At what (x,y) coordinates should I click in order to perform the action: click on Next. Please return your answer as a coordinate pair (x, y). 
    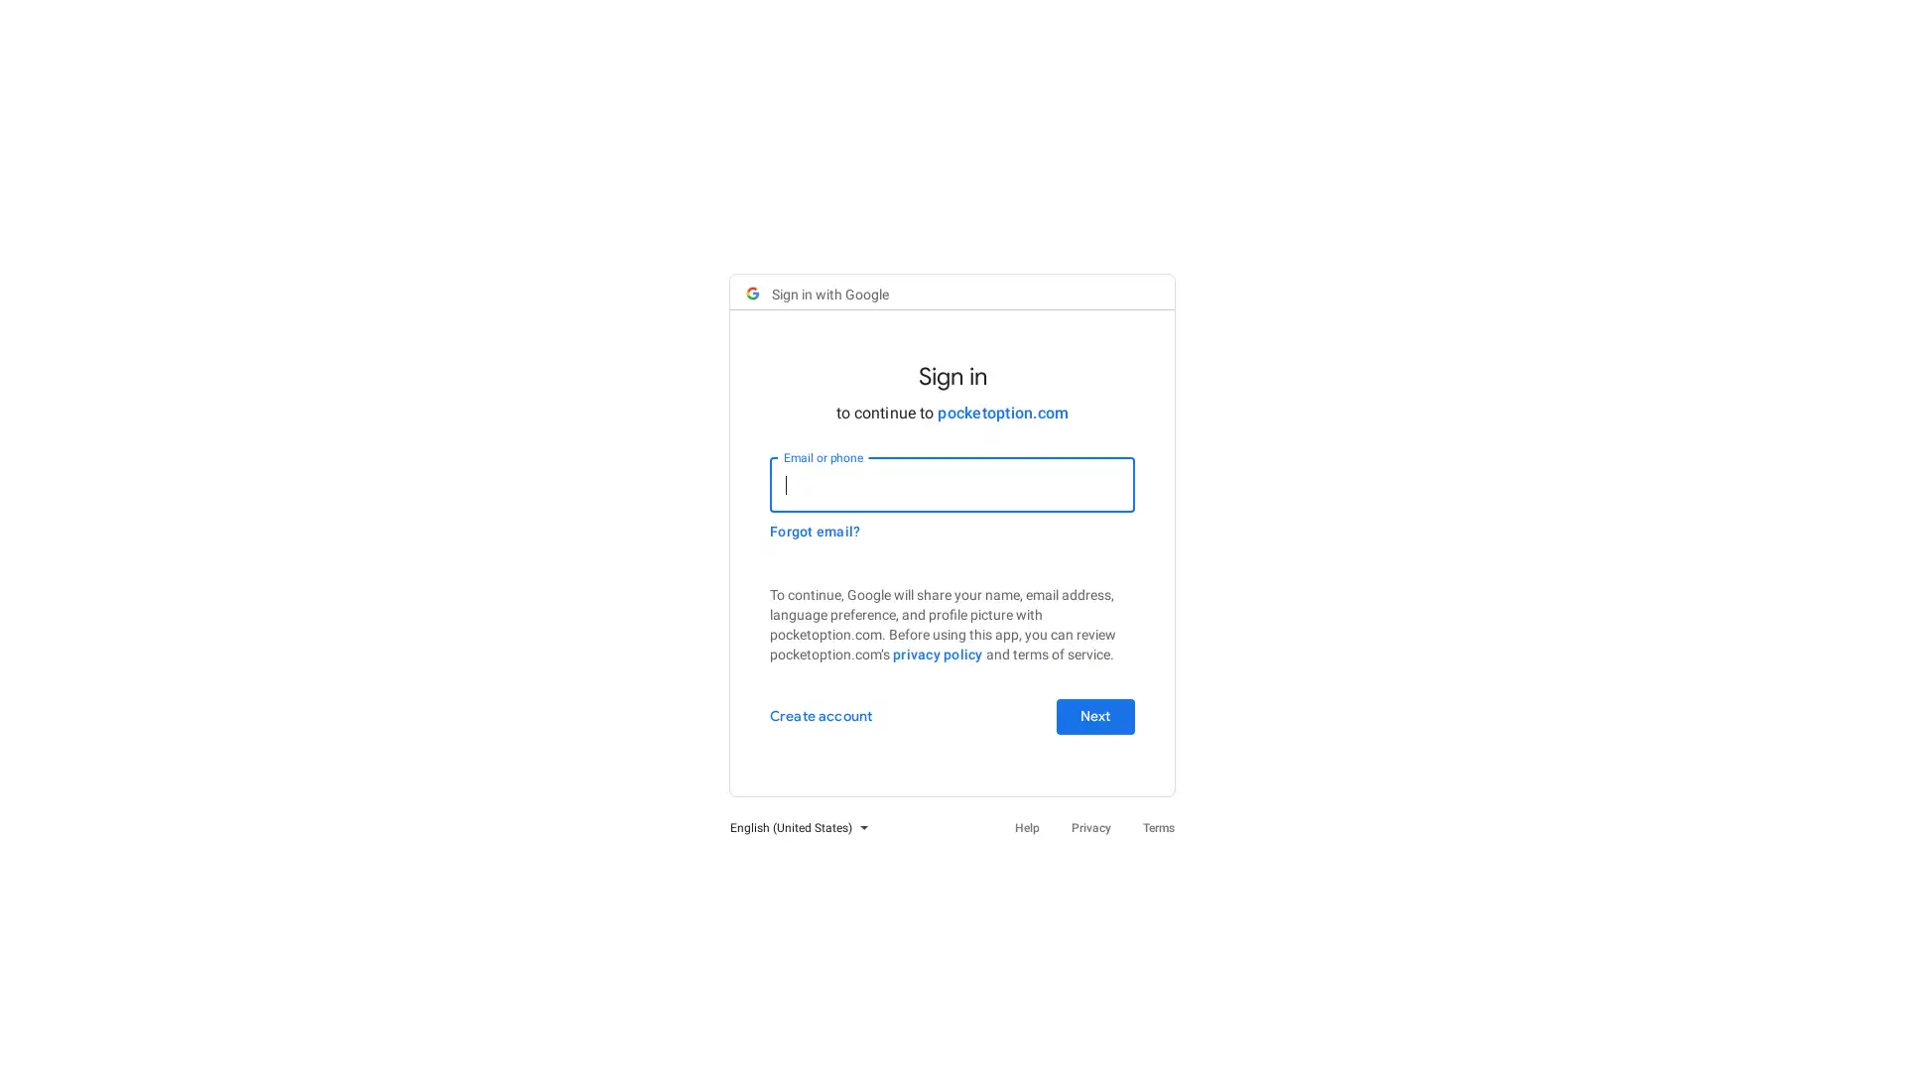
    Looking at the image, I should click on (1094, 716).